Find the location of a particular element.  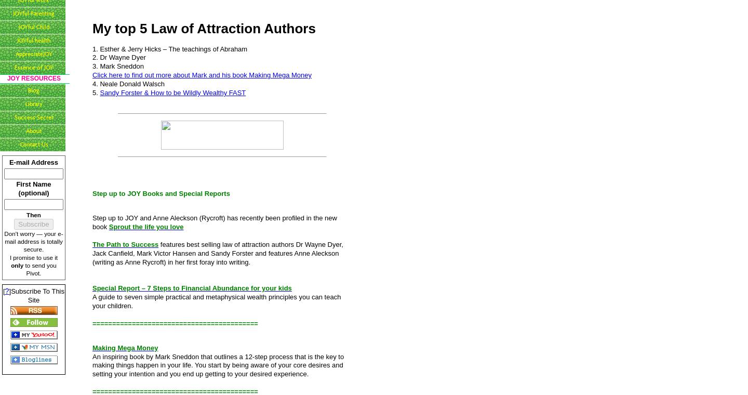

'Blog' is located at coordinates (33, 90).